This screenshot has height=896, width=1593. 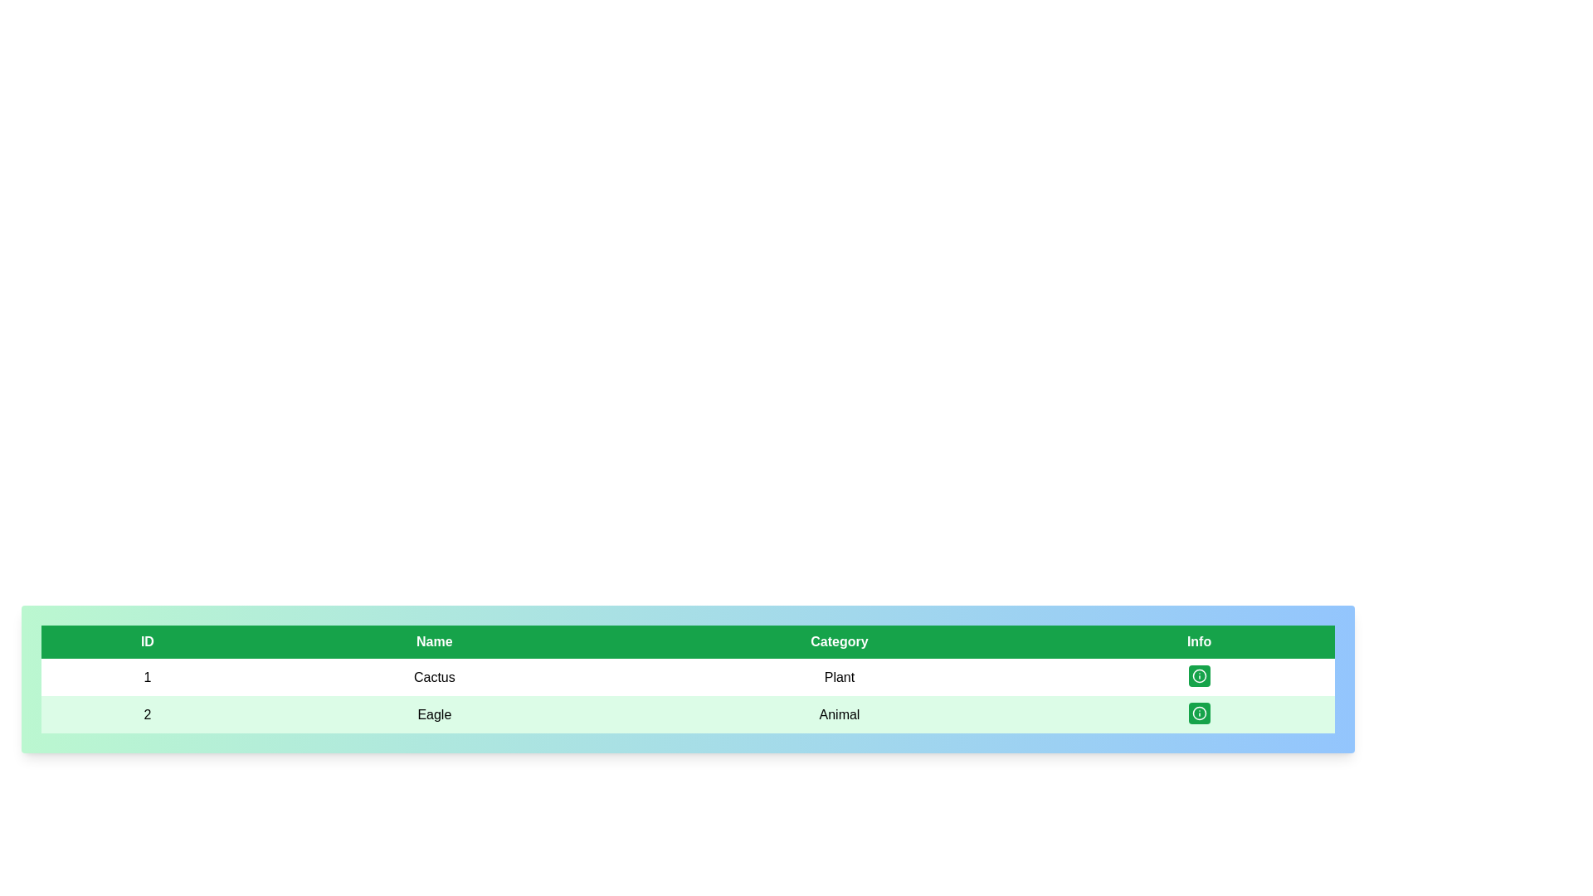 What do you see at coordinates (1199, 713) in the screenshot?
I see `the Circular SVG graphic element located in the 'Info' column of the data table, corresponding to the 'Cactus' row in the 'Plant' category` at bounding box center [1199, 713].